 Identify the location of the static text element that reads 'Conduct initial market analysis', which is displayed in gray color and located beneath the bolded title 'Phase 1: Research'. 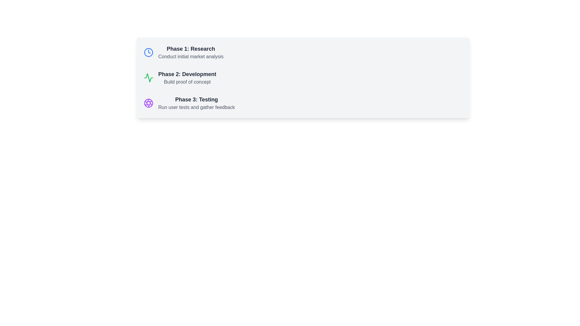
(191, 57).